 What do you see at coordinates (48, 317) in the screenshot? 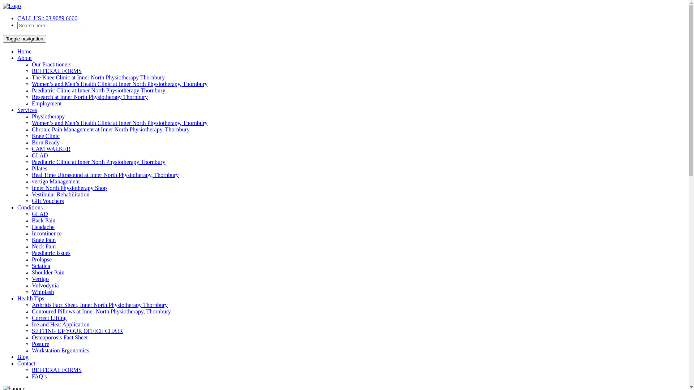
I see `'Correct Lifting'` at bounding box center [48, 317].